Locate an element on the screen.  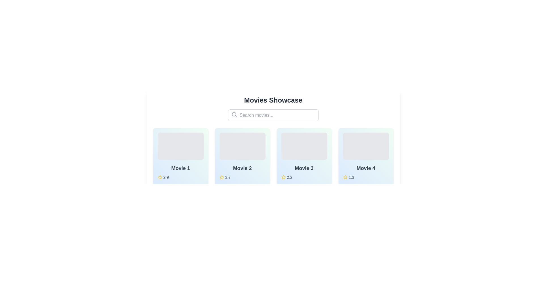
the magnifying glass icon located to the left of the 'Search movies...' text input field, which is styled with a gray color and has a circular outline is located at coordinates (234, 114).